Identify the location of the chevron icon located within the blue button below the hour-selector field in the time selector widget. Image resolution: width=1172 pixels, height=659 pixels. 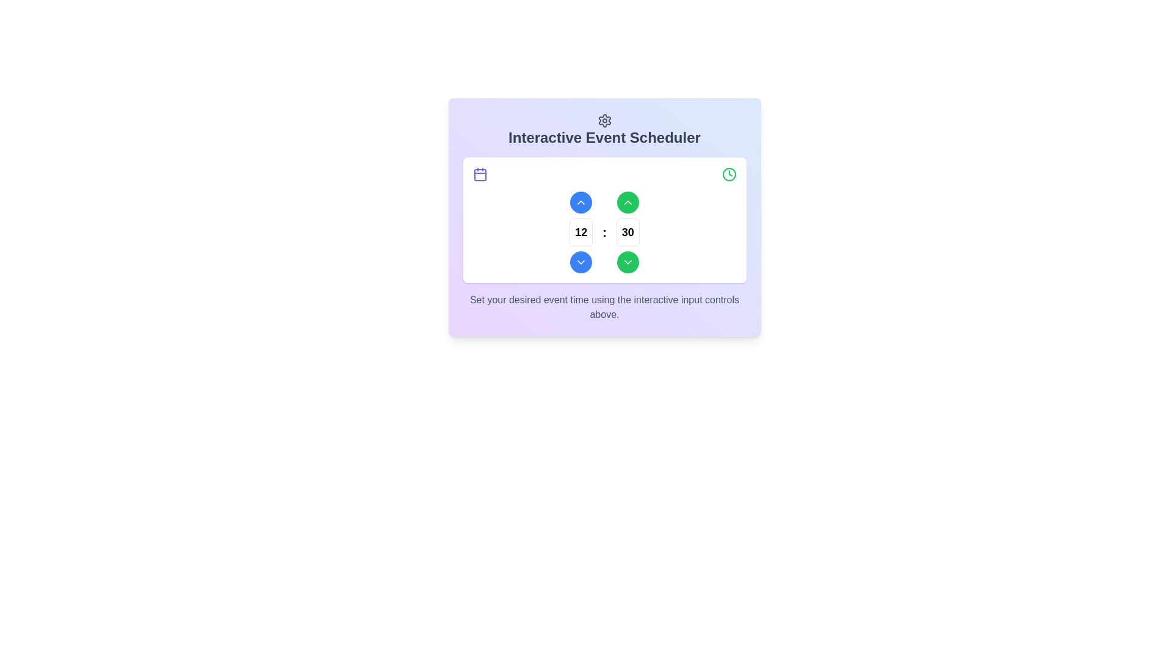
(581, 261).